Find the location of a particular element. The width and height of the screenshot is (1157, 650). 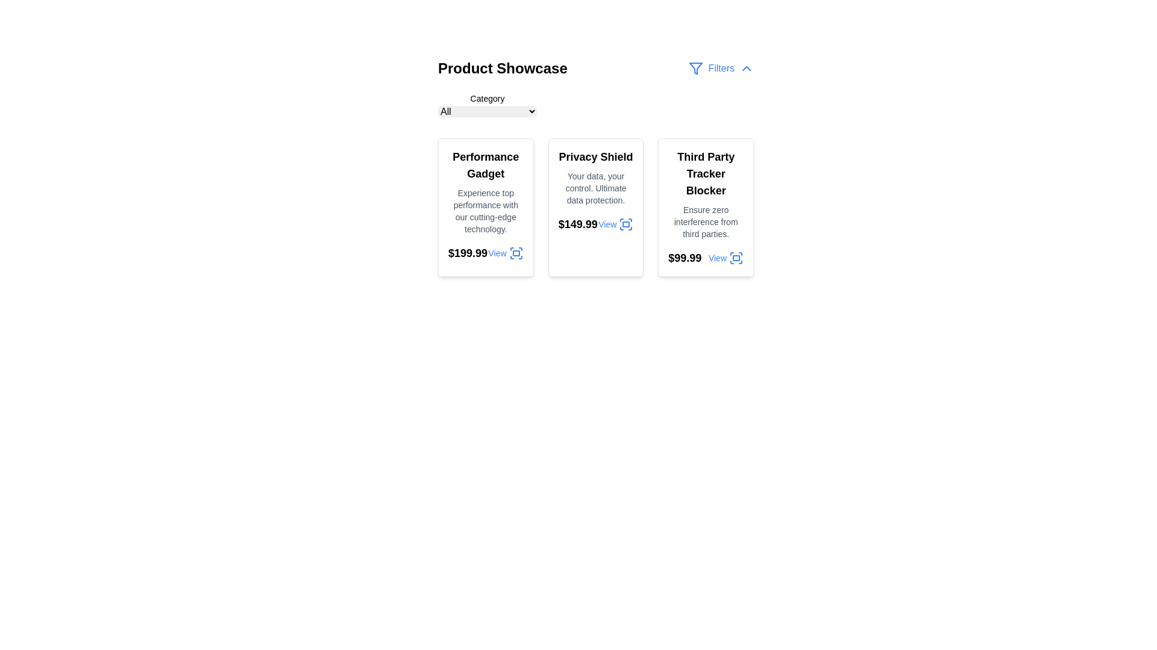

the clickable link with an icon located to the right of the price '$149.99' in the center card of the three horizontally aligned cards to change its appearance is located at coordinates (616, 224).